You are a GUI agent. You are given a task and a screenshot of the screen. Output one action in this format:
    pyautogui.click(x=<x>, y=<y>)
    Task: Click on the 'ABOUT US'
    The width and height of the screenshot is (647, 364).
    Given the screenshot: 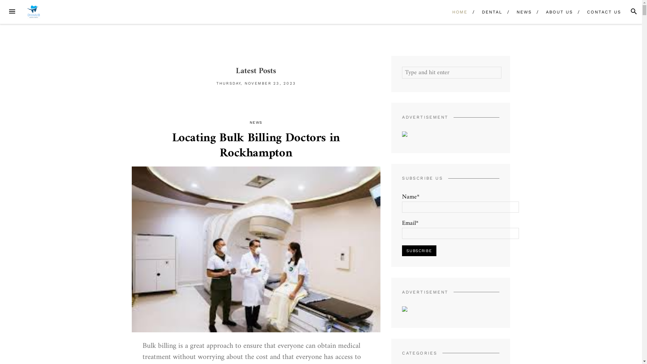 What is the action you would take?
    pyautogui.click(x=559, y=12)
    